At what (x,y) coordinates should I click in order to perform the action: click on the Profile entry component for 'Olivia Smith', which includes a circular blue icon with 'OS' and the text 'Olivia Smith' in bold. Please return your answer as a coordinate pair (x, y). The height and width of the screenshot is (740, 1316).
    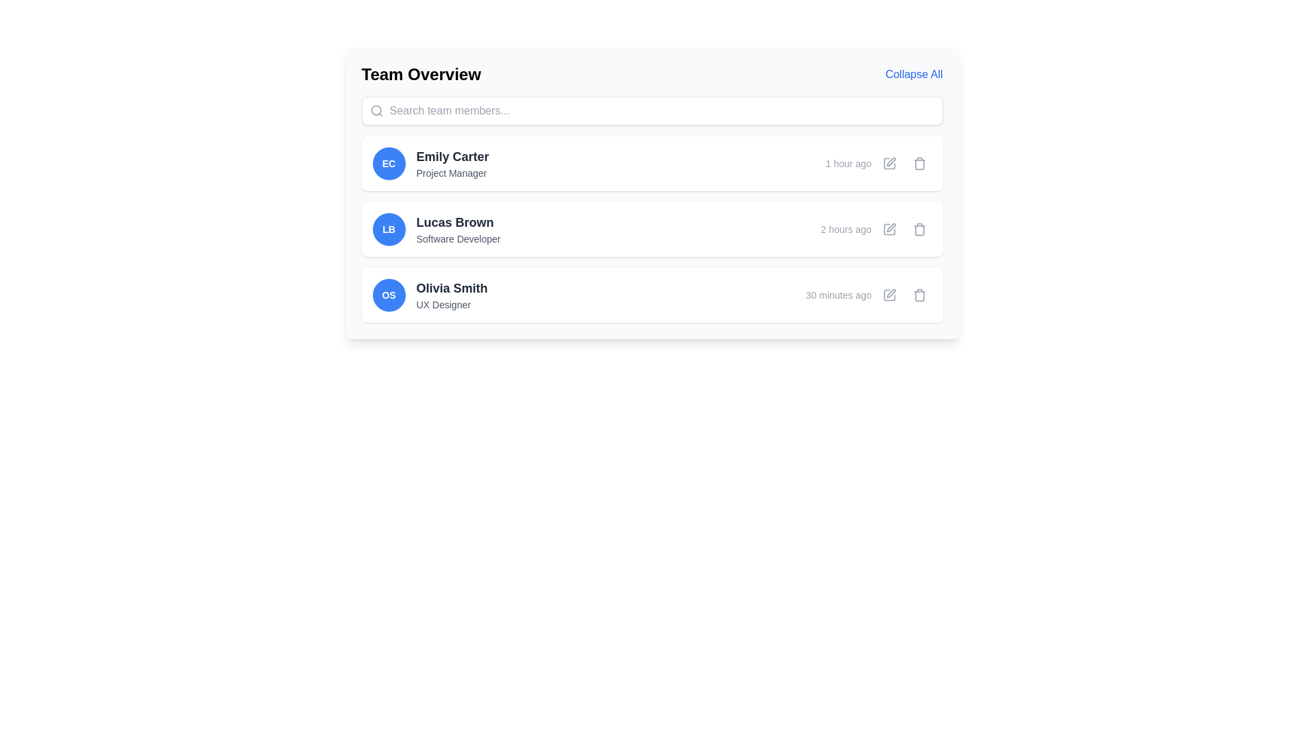
    Looking at the image, I should click on (429, 295).